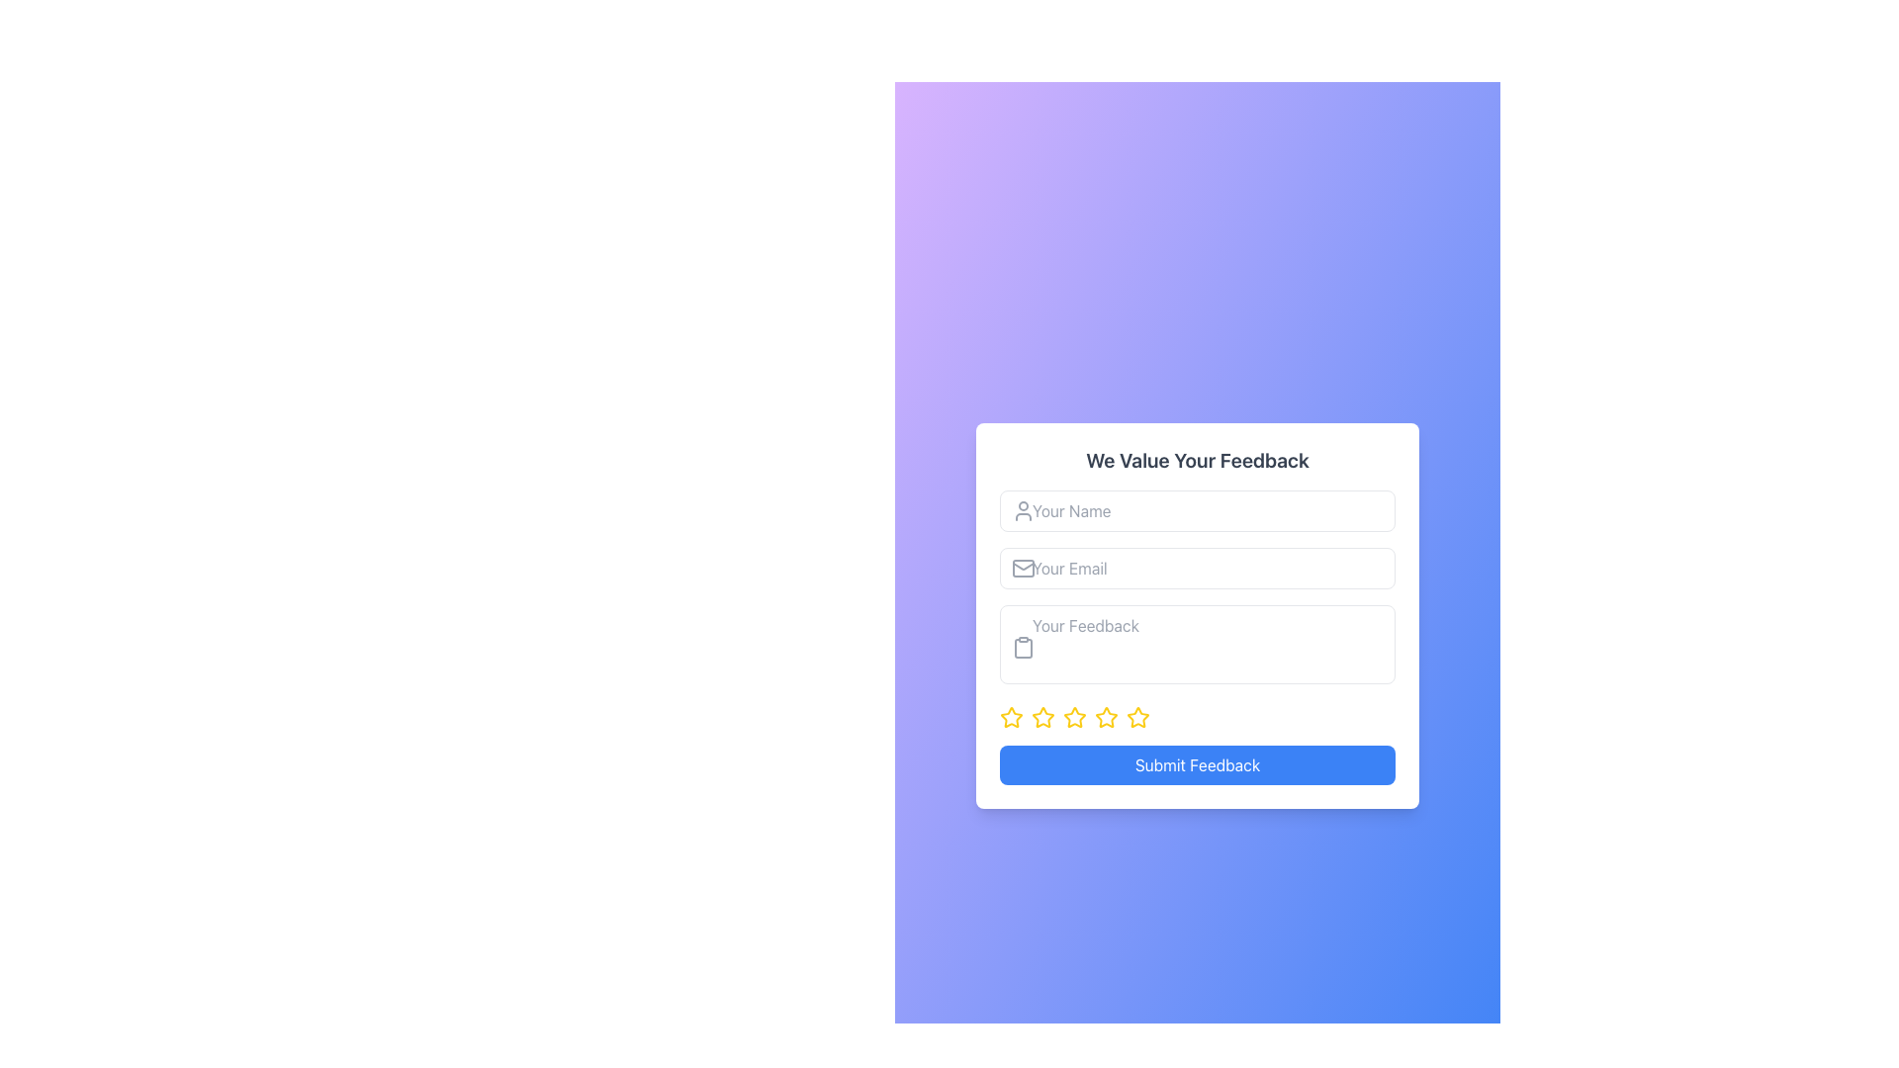  I want to click on across the five yellow stars in the Rating Selector, so click(1196, 717).